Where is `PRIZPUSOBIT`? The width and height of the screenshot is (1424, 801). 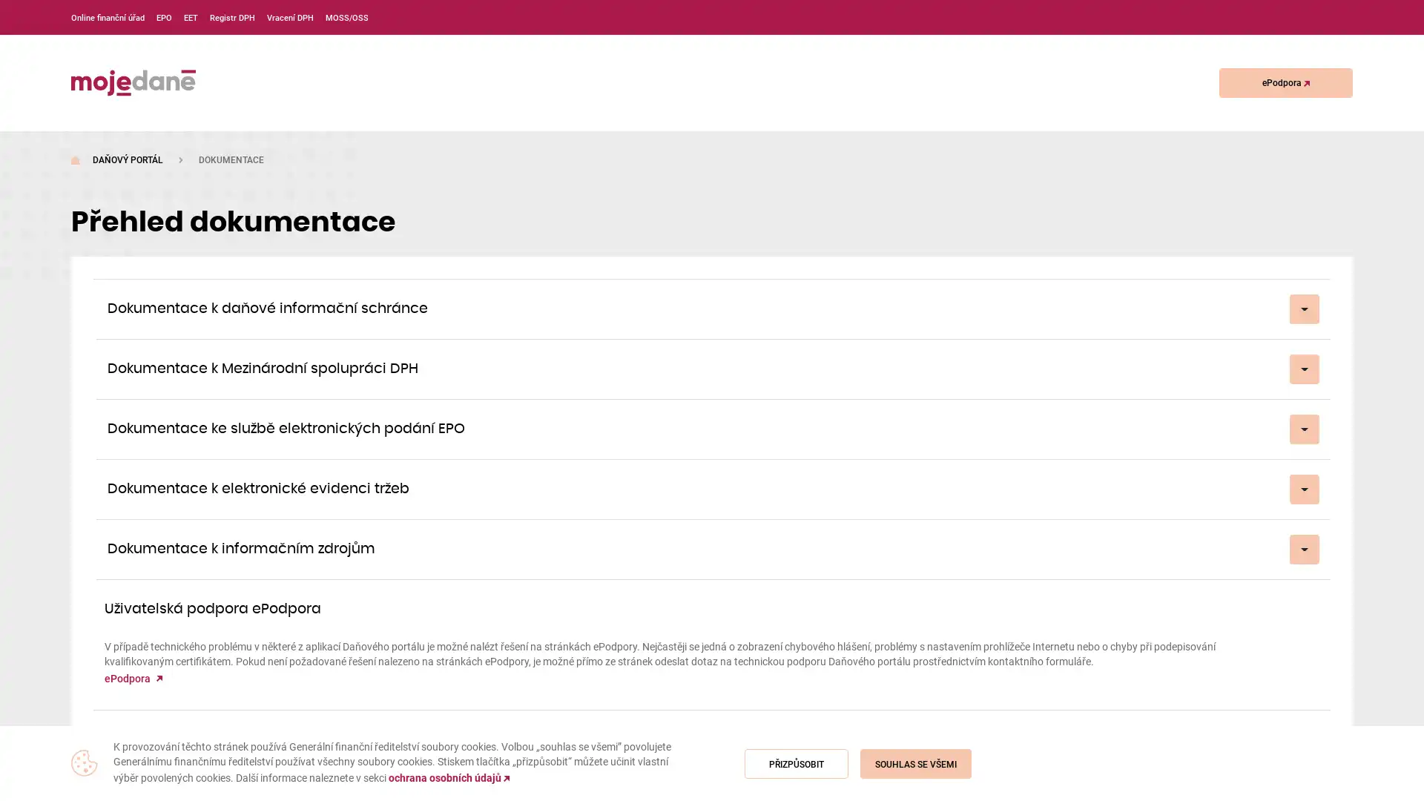
PRIZPUSOBIT is located at coordinates (796, 763).